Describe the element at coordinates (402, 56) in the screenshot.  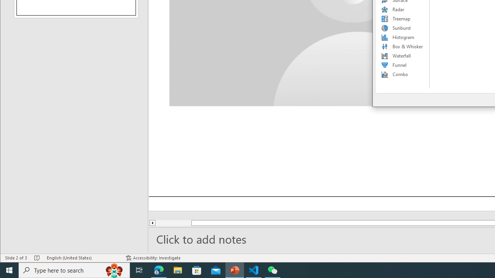
I see `'Waterfall'` at that location.